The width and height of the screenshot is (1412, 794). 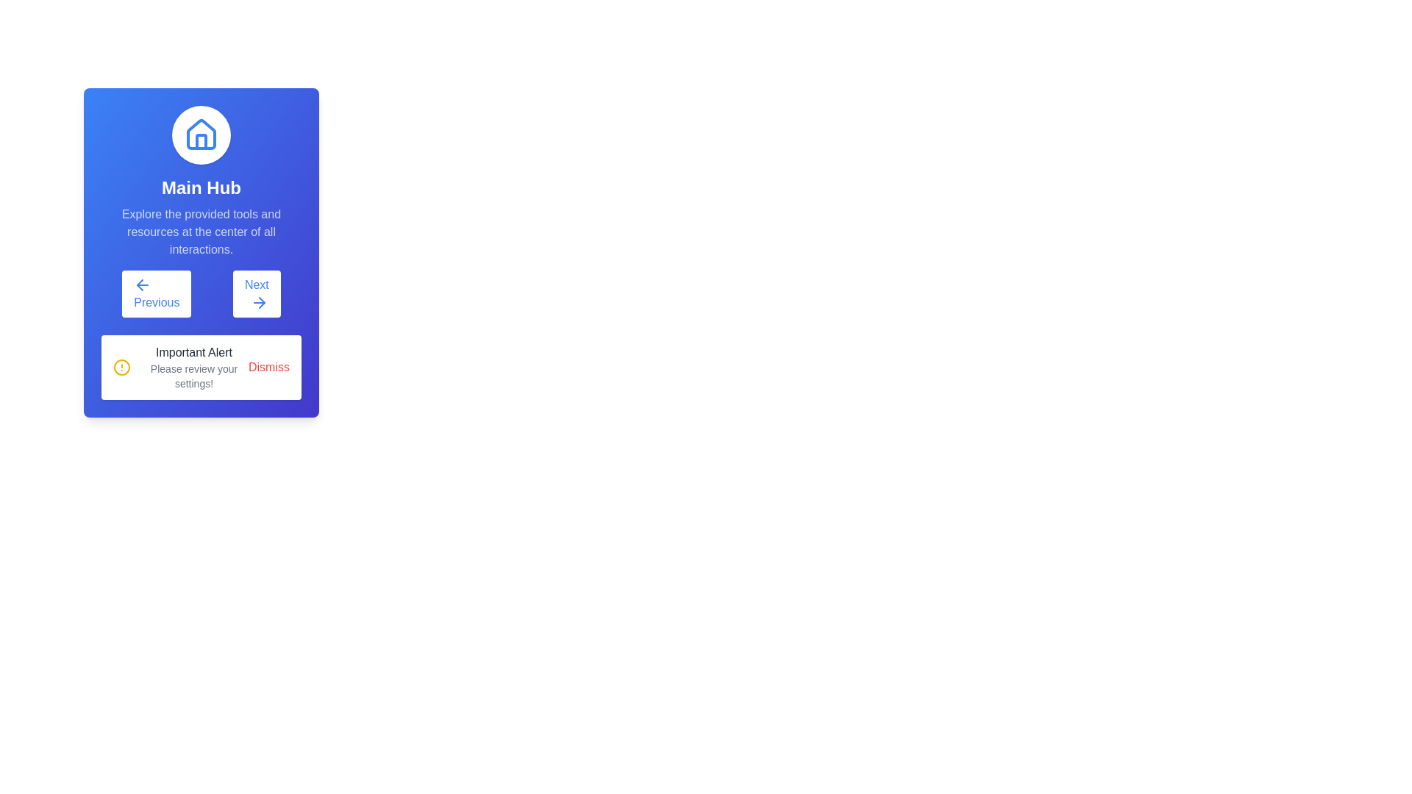 I want to click on the text component styled in white with a semi-transparent tone, reading 'Explore the provided tools and resources at the center of all interactions', located directly below the title 'Main Hub', so click(x=200, y=232).